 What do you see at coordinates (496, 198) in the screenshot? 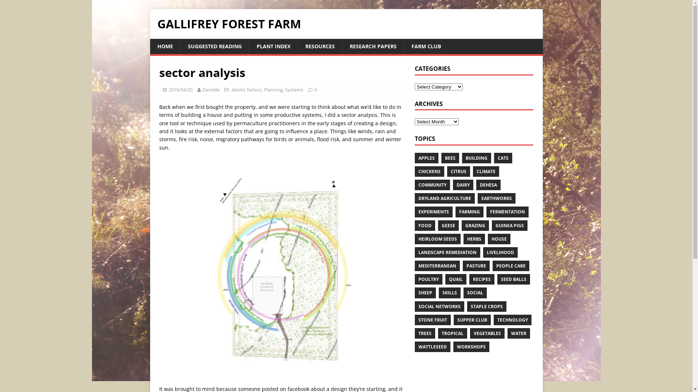
I see `'EARTHWORKS'` at bounding box center [496, 198].